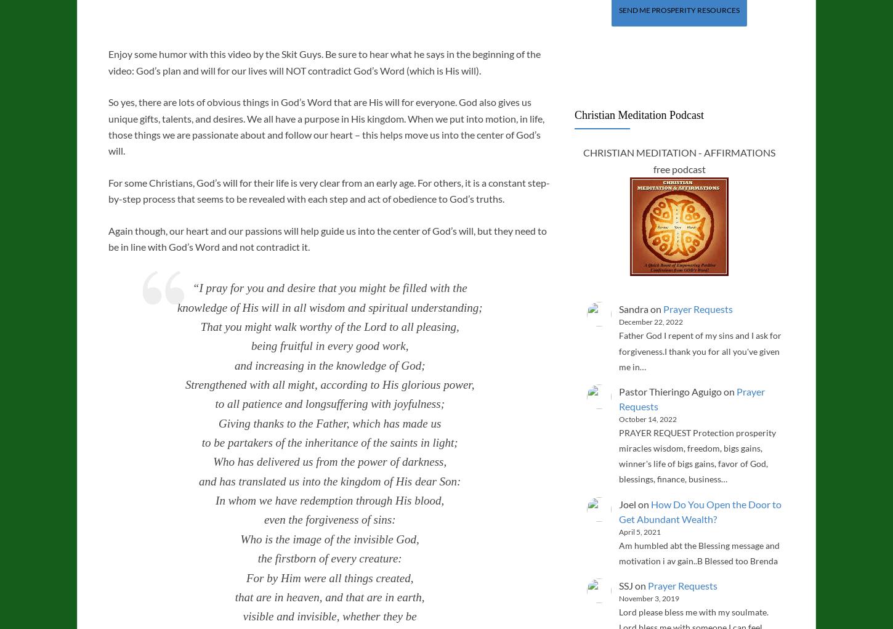 The width and height of the screenshot is (893, 629). What do you see at coordinates (326, 126) in the screenshot?
I see `'So yes, there are lots of obvious things in God’s Word that are His will for everyone. God also gives us unique gifts, talents, and desires. We all have a purpose in His kingdom. When we put into motion, in life, those things we are passionate about and follow our heart – this helps move us into the center of God’s will.'` at bounding box center [326, 126].